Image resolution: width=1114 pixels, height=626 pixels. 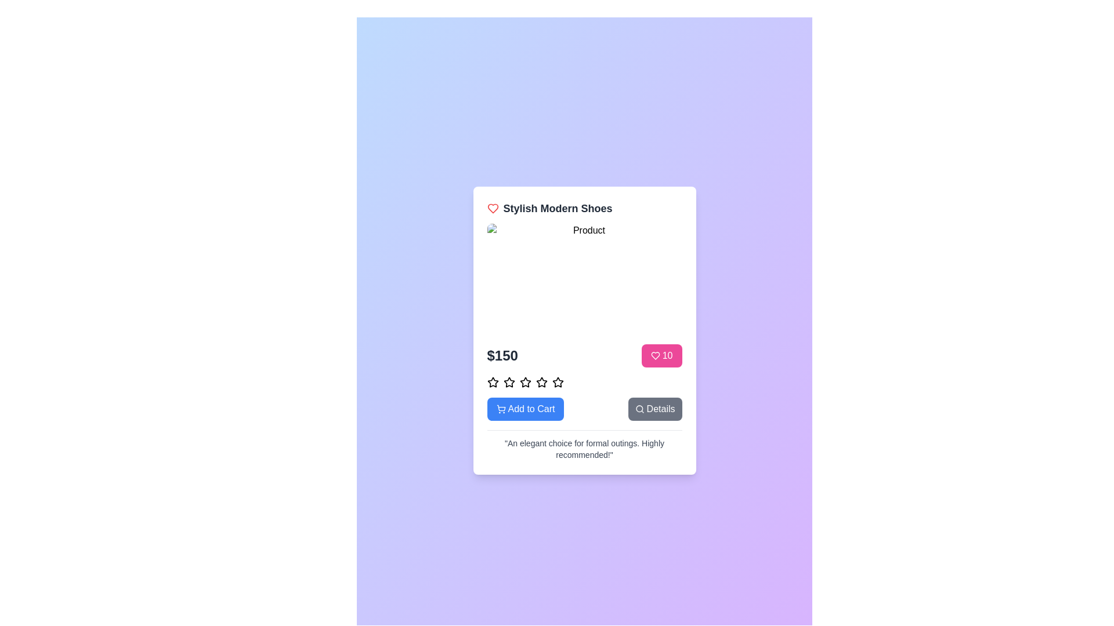 What do you see at coordinates (541, 382) in the screenshot?
I see `the sixth star icon used for rating located below the price label in the product card to provide visual feedback` at bounding box center [541, 382].